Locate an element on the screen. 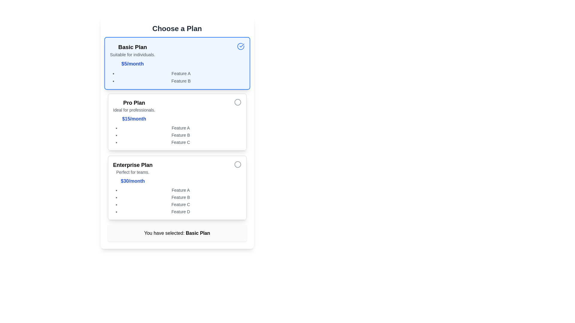 This screenshot has width=575, height=323. contents of the 'Enterprise Plan' informational card, which is the third plan in a vertical list of subscription plans, located between the 'Pro Plan' card and the features list is located at coordinates (132, 173).